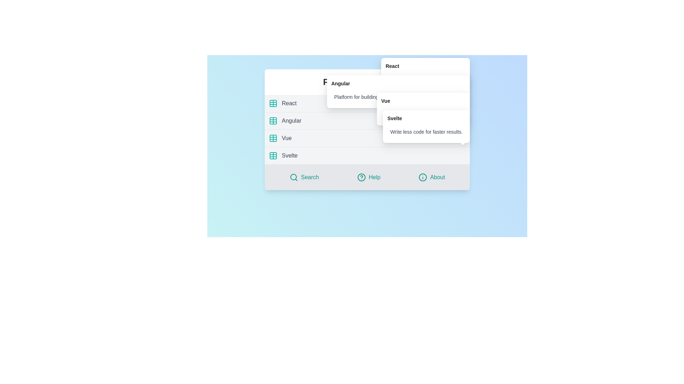  I want to click on the SVG circle icon located next to the label 'About' in the bottom section of the interface, so click(423, 177).